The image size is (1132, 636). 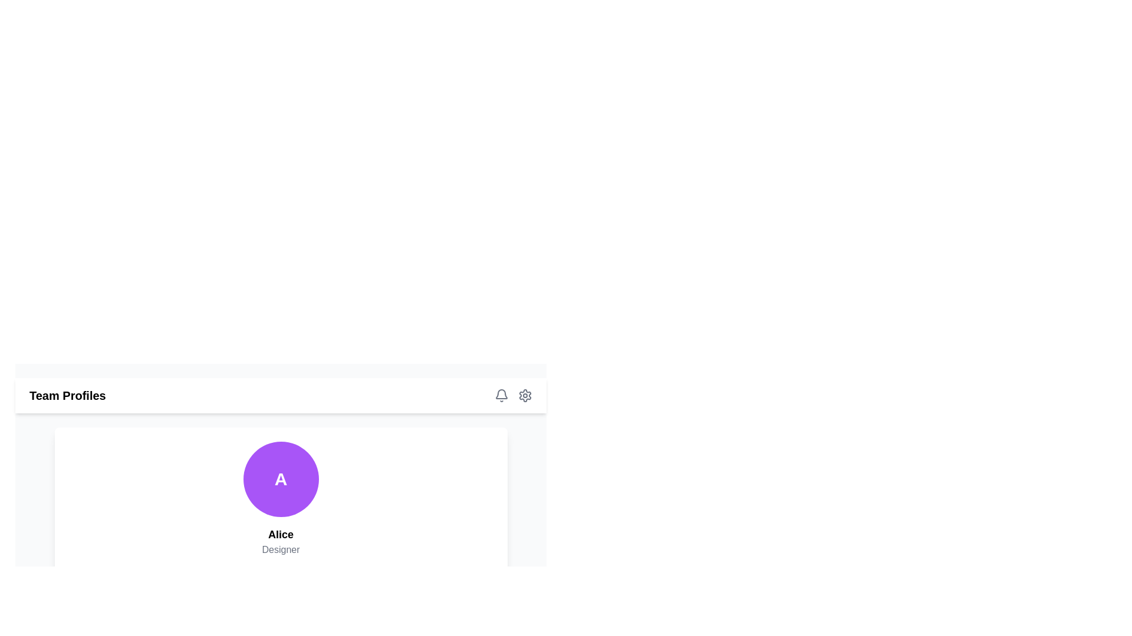 I want to click on the gray bell-shaped icon located at the top-right corner of the user interface, so click(x=501, y=395).